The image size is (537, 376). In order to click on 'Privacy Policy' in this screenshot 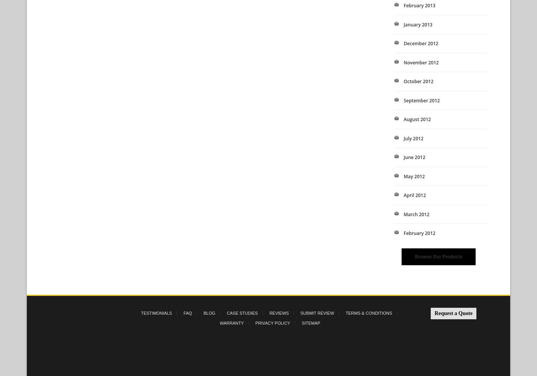, I will do `click(272, 322)`.